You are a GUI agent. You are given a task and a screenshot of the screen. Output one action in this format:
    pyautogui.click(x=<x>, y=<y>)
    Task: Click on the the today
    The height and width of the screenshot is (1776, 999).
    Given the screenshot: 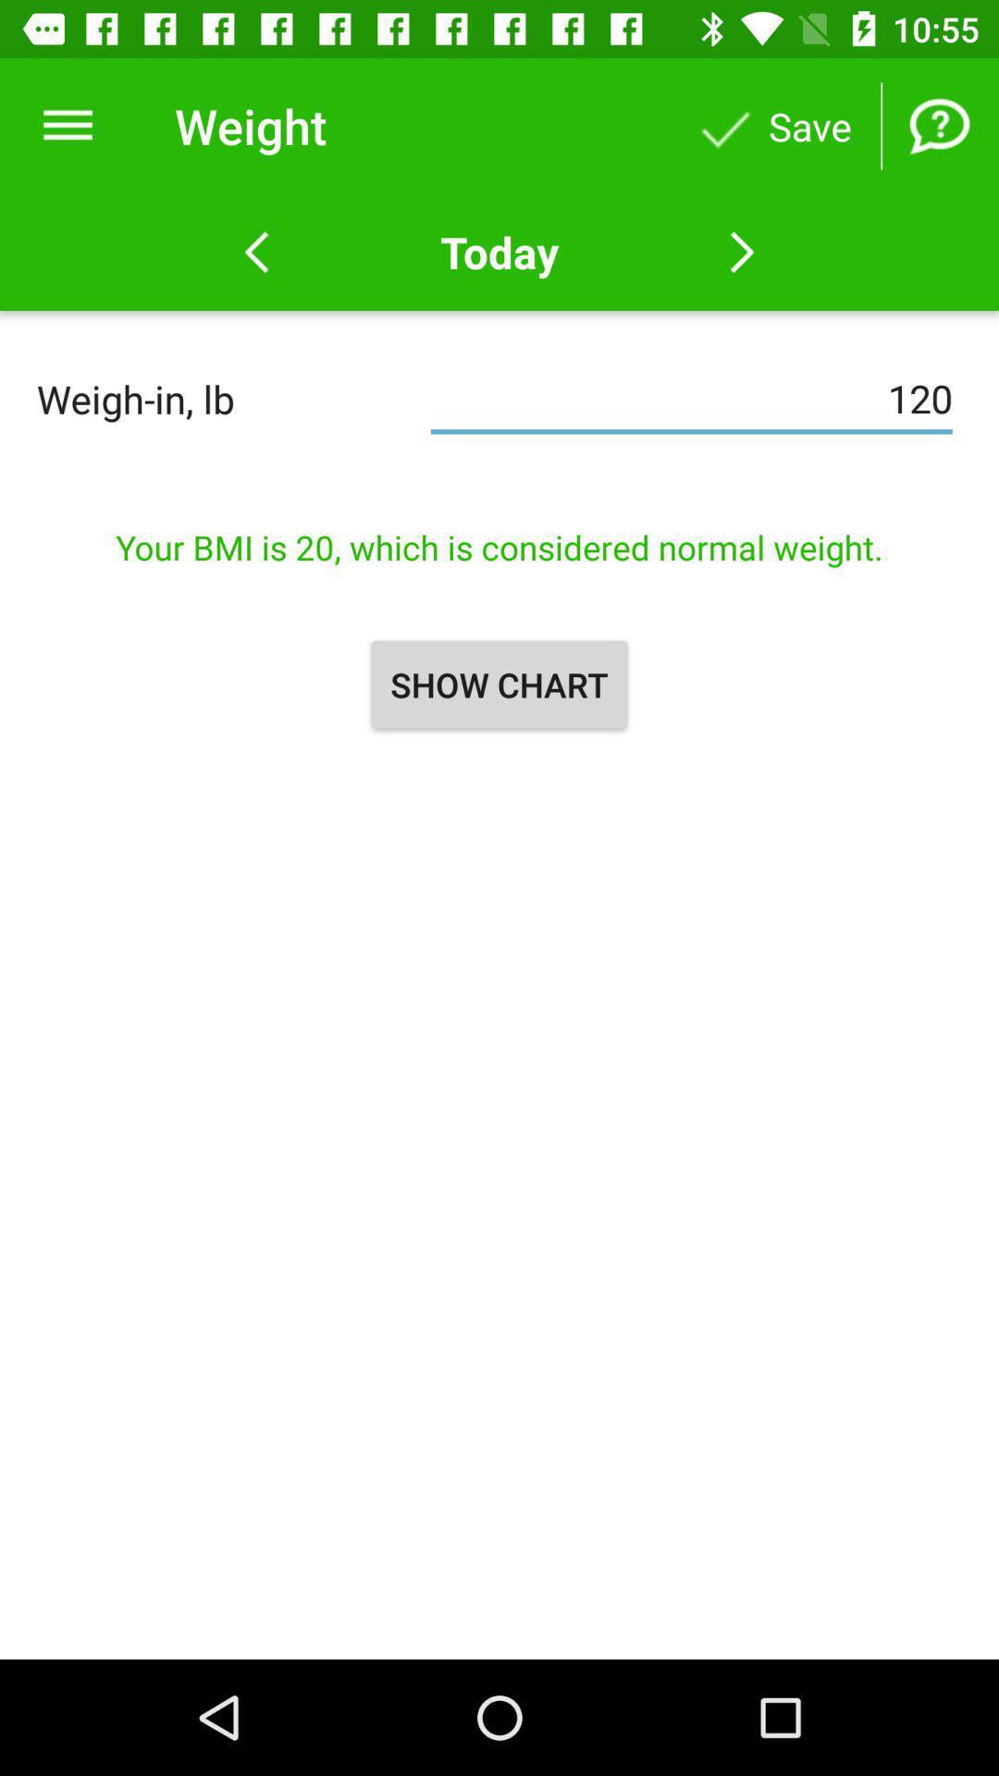 What is the action you would take?
    pyautogui.click(x=499, y=252)
    